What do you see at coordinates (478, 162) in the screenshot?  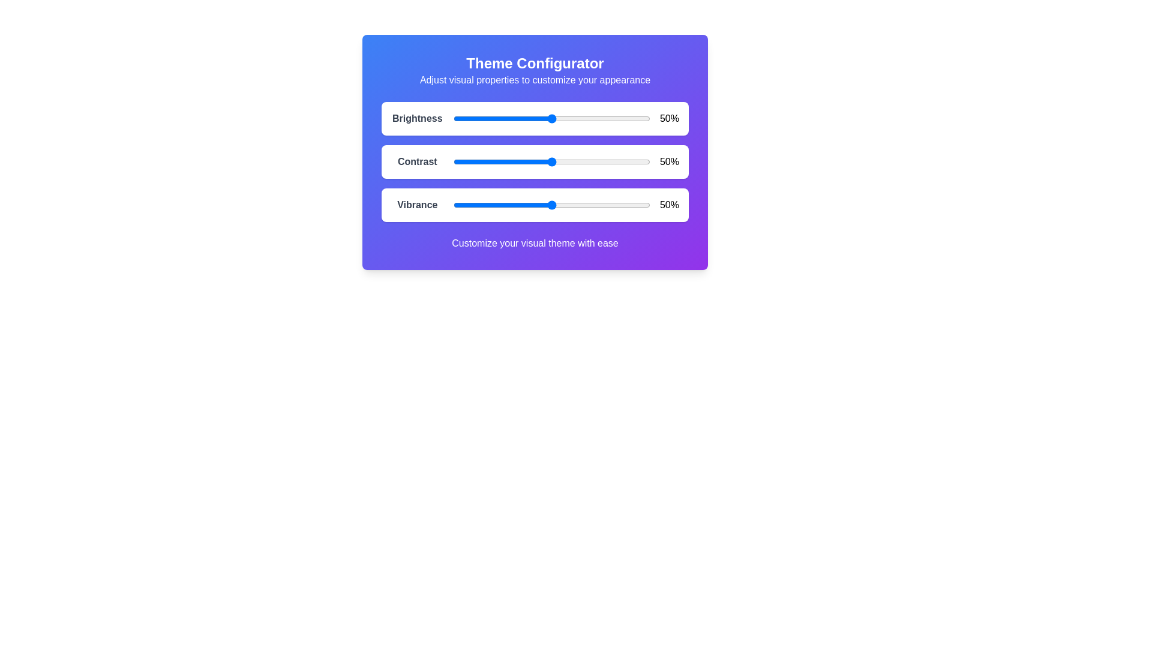 I see `the contrast slider to 13%` at bounding box center [478, 162].